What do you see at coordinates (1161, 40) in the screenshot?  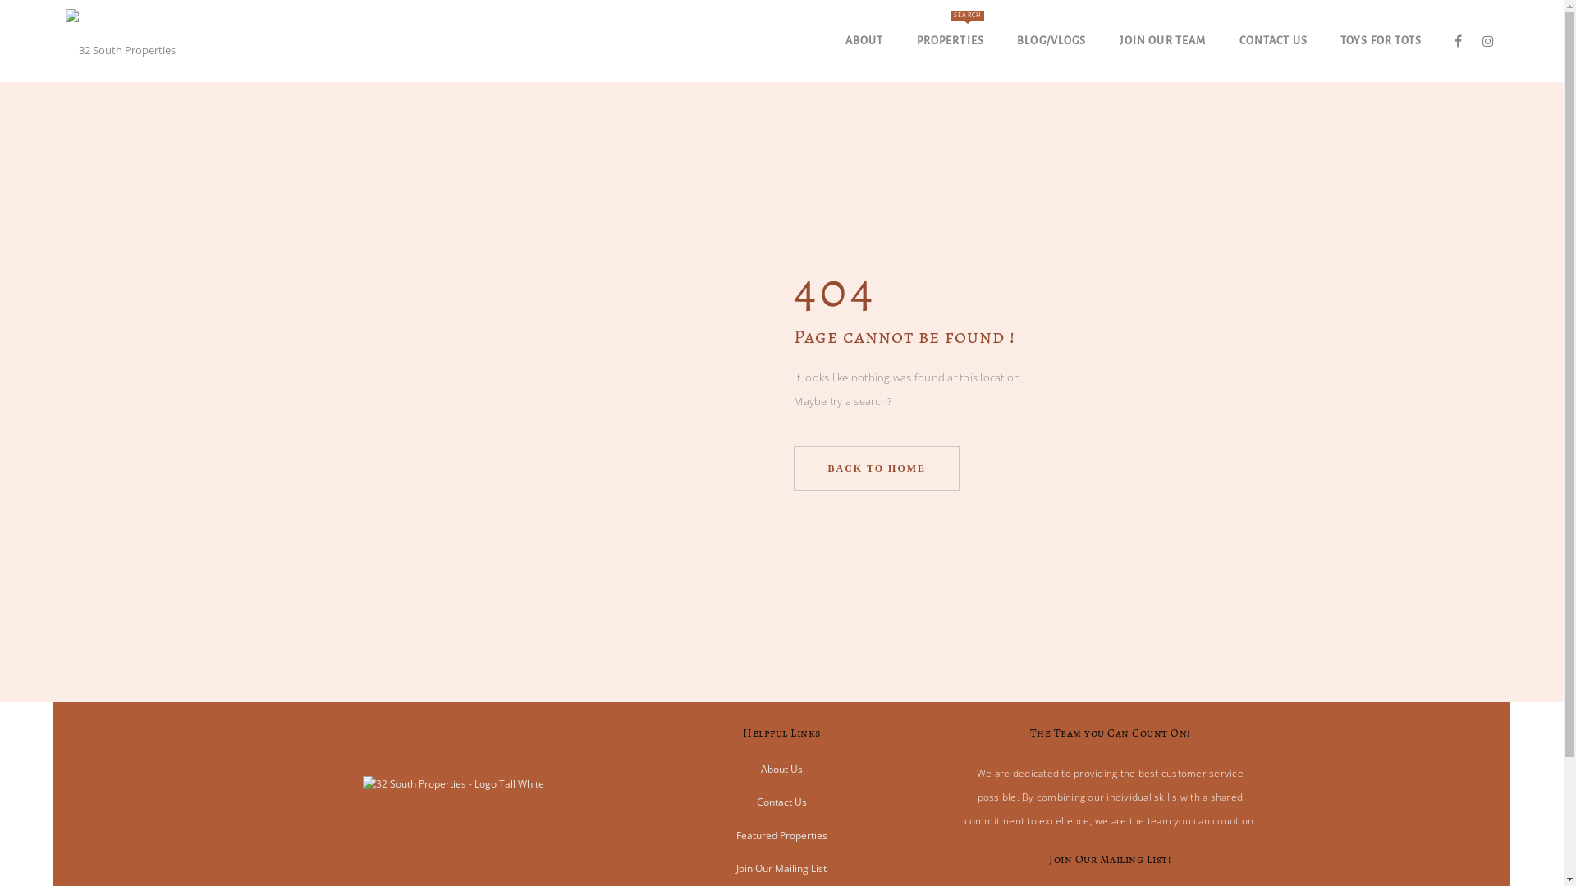 I see `'JOIN OUR TEAM'` at bounding box center [1161, 40].